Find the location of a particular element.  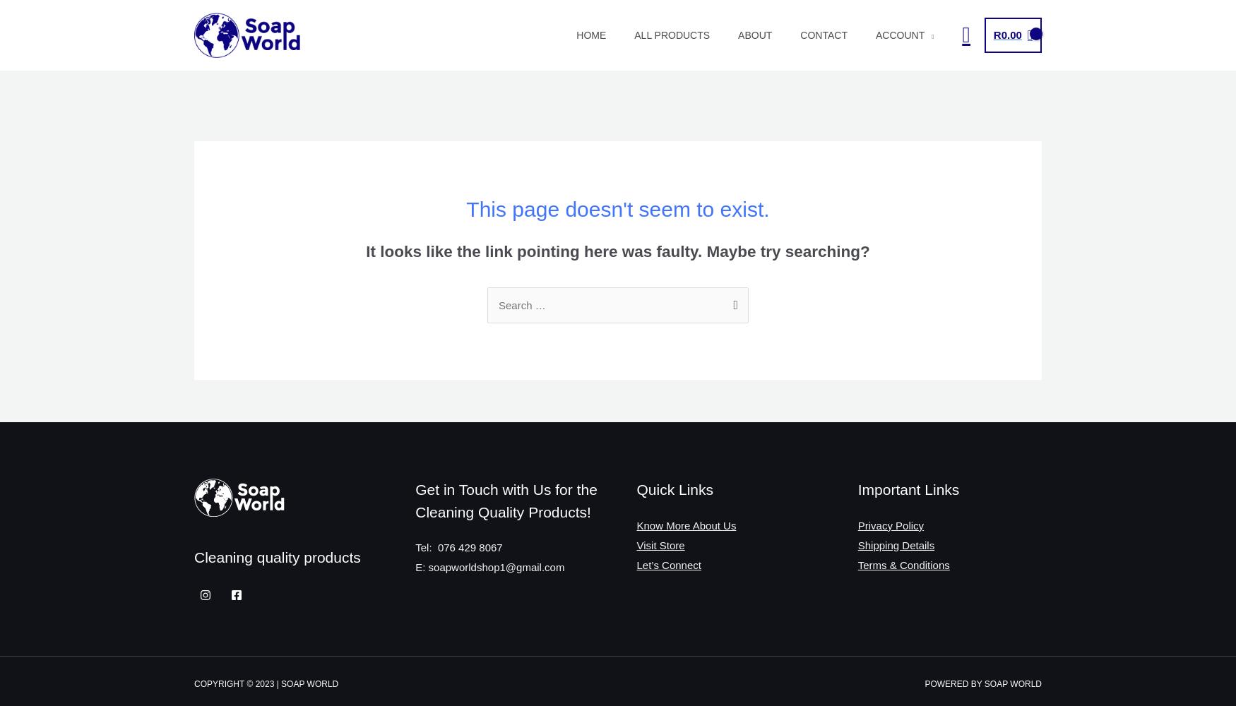

'About' is located at coordinates (755, 35).